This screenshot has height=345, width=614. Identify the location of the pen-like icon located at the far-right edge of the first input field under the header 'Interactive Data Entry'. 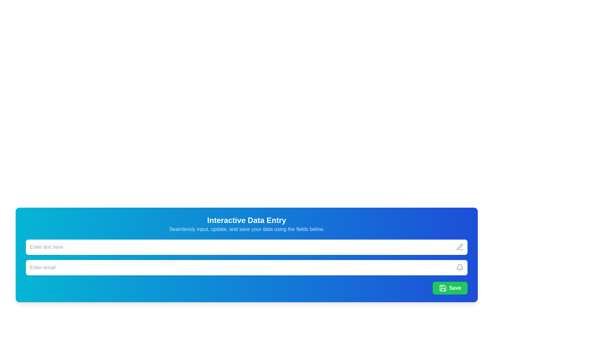
(460, 247).